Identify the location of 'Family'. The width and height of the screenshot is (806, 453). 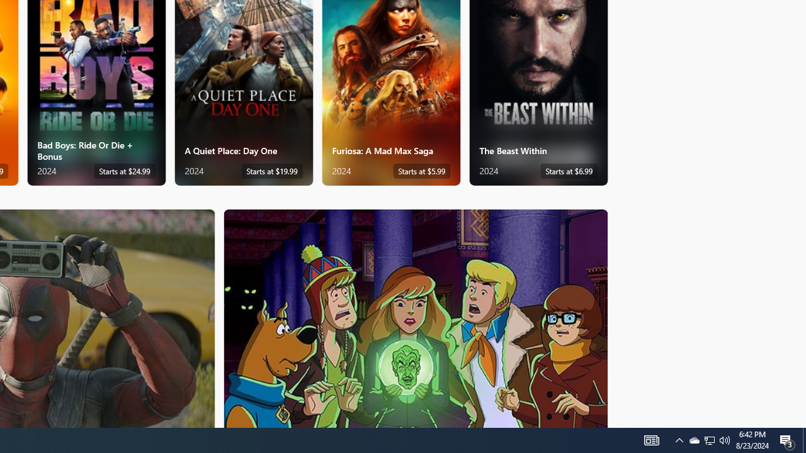
(416, 317).